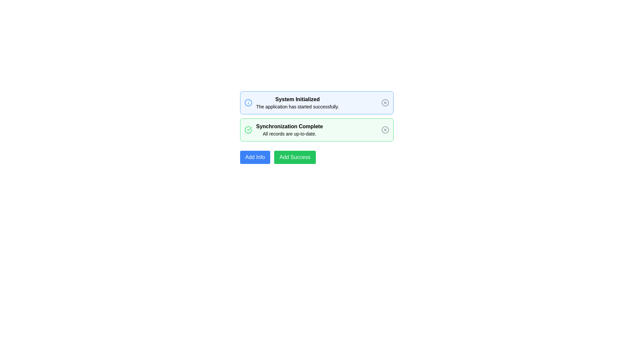  What do you see at coordinates (385, 130) in the screenshot?
I see `the close or cancel SVG icon located to the right of the 'Synchronization Complete' green banner` at bounding box center [385, 130].